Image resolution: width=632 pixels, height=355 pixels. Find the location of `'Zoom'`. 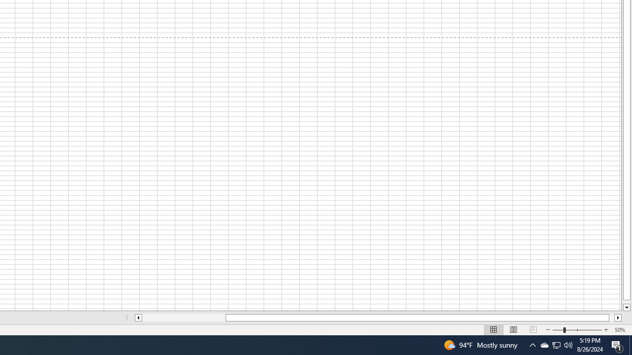

'Zoom' is located at coordinates (577, 330).